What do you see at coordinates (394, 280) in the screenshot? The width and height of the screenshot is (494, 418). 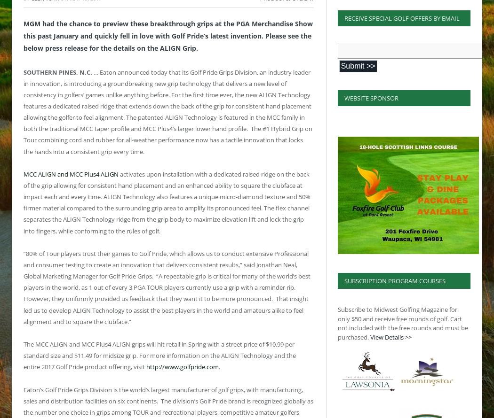 I see `'Subscription Program Courses'` at bounding box center [394, 280].